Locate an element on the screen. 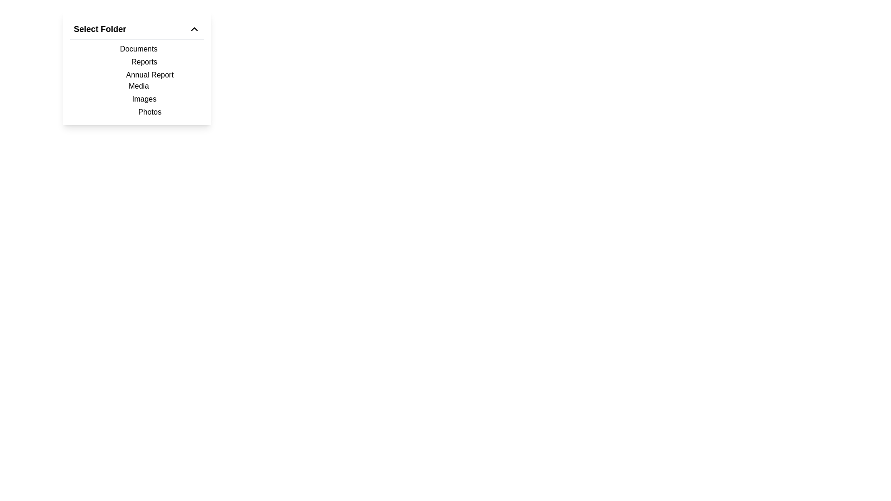 The height and width of the screenshot is (501, 891). text from the 'Reports' and 'Annual Report' label located under the 'Documents' header in the dropdown menu is located at coordinates (138, 67).